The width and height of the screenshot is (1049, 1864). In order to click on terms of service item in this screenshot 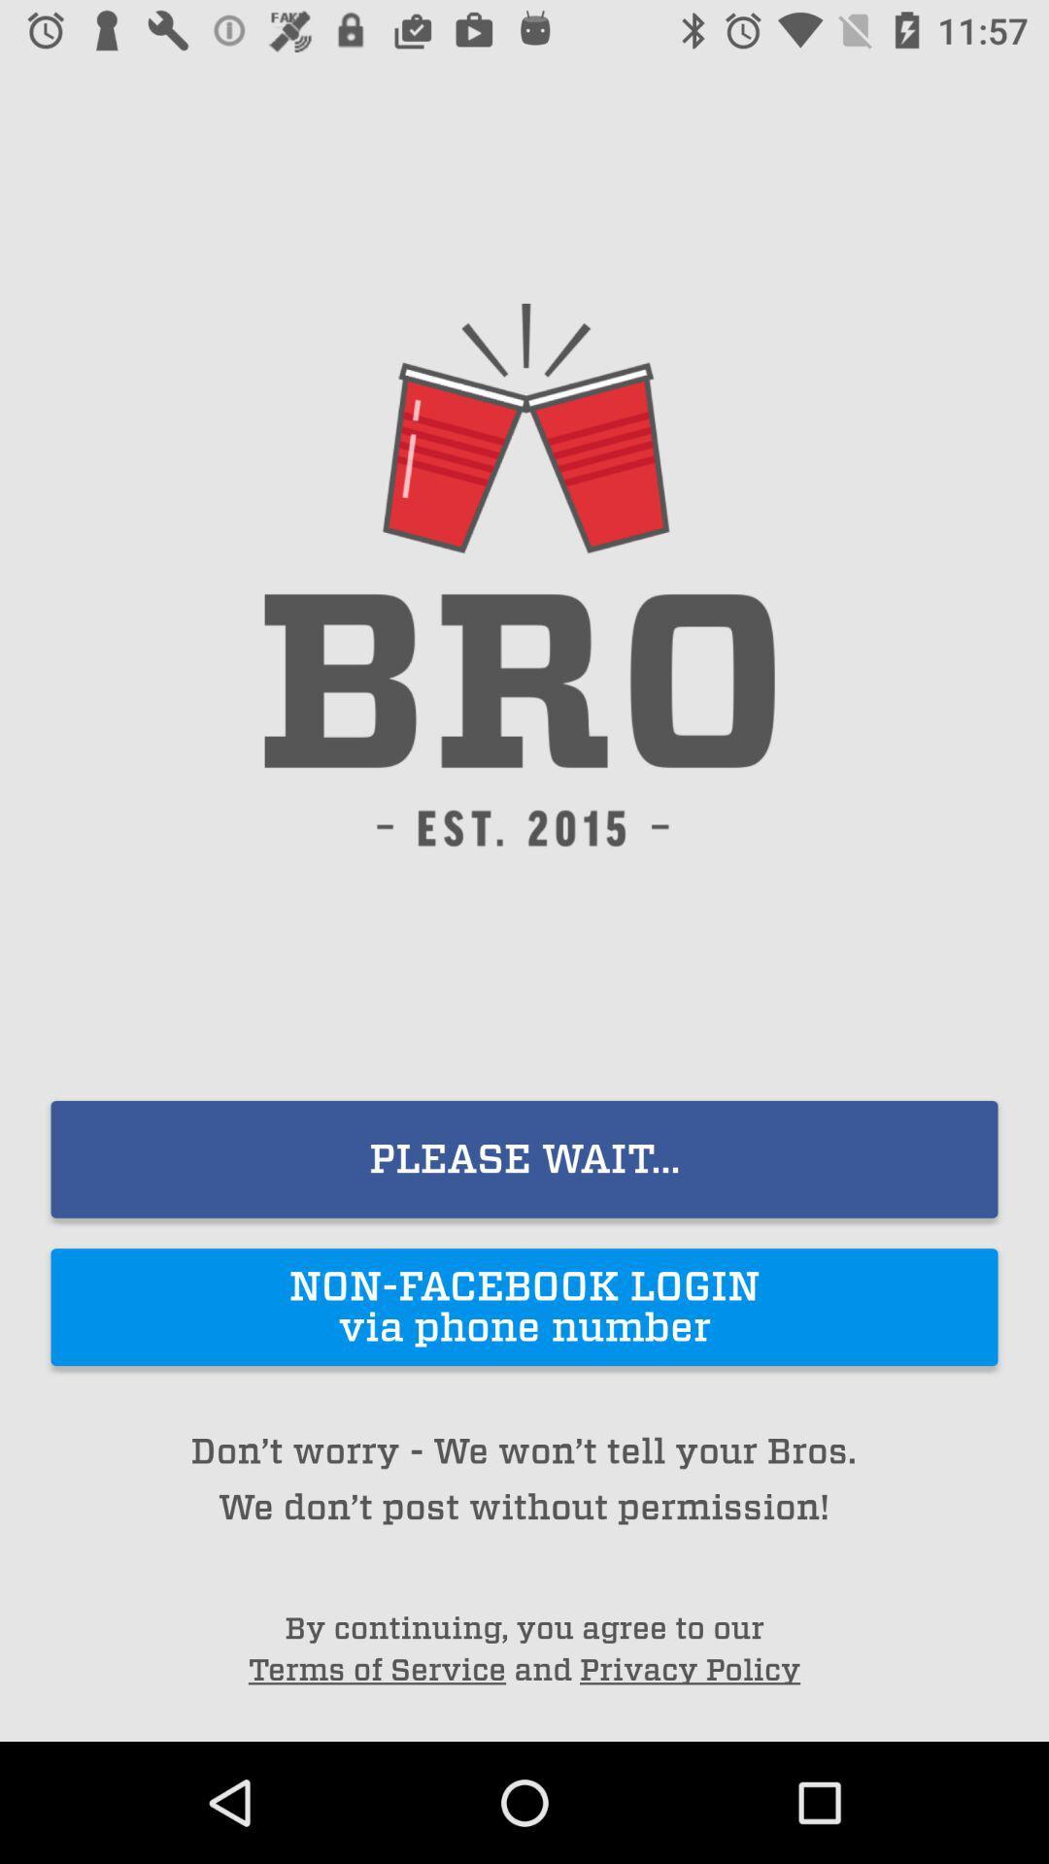, I will do `click(377, 1669)`.